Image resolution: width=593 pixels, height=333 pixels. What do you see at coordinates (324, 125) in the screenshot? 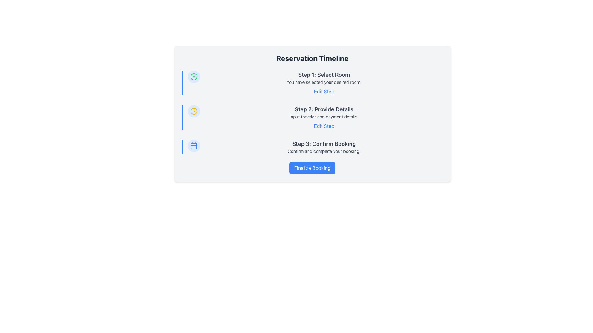
I see `the small blue hyperlink text that reads 'Edit Step' located beneath the instruction text in the 'Step 2: Provide Details' section` at bounding box center [324, 125].